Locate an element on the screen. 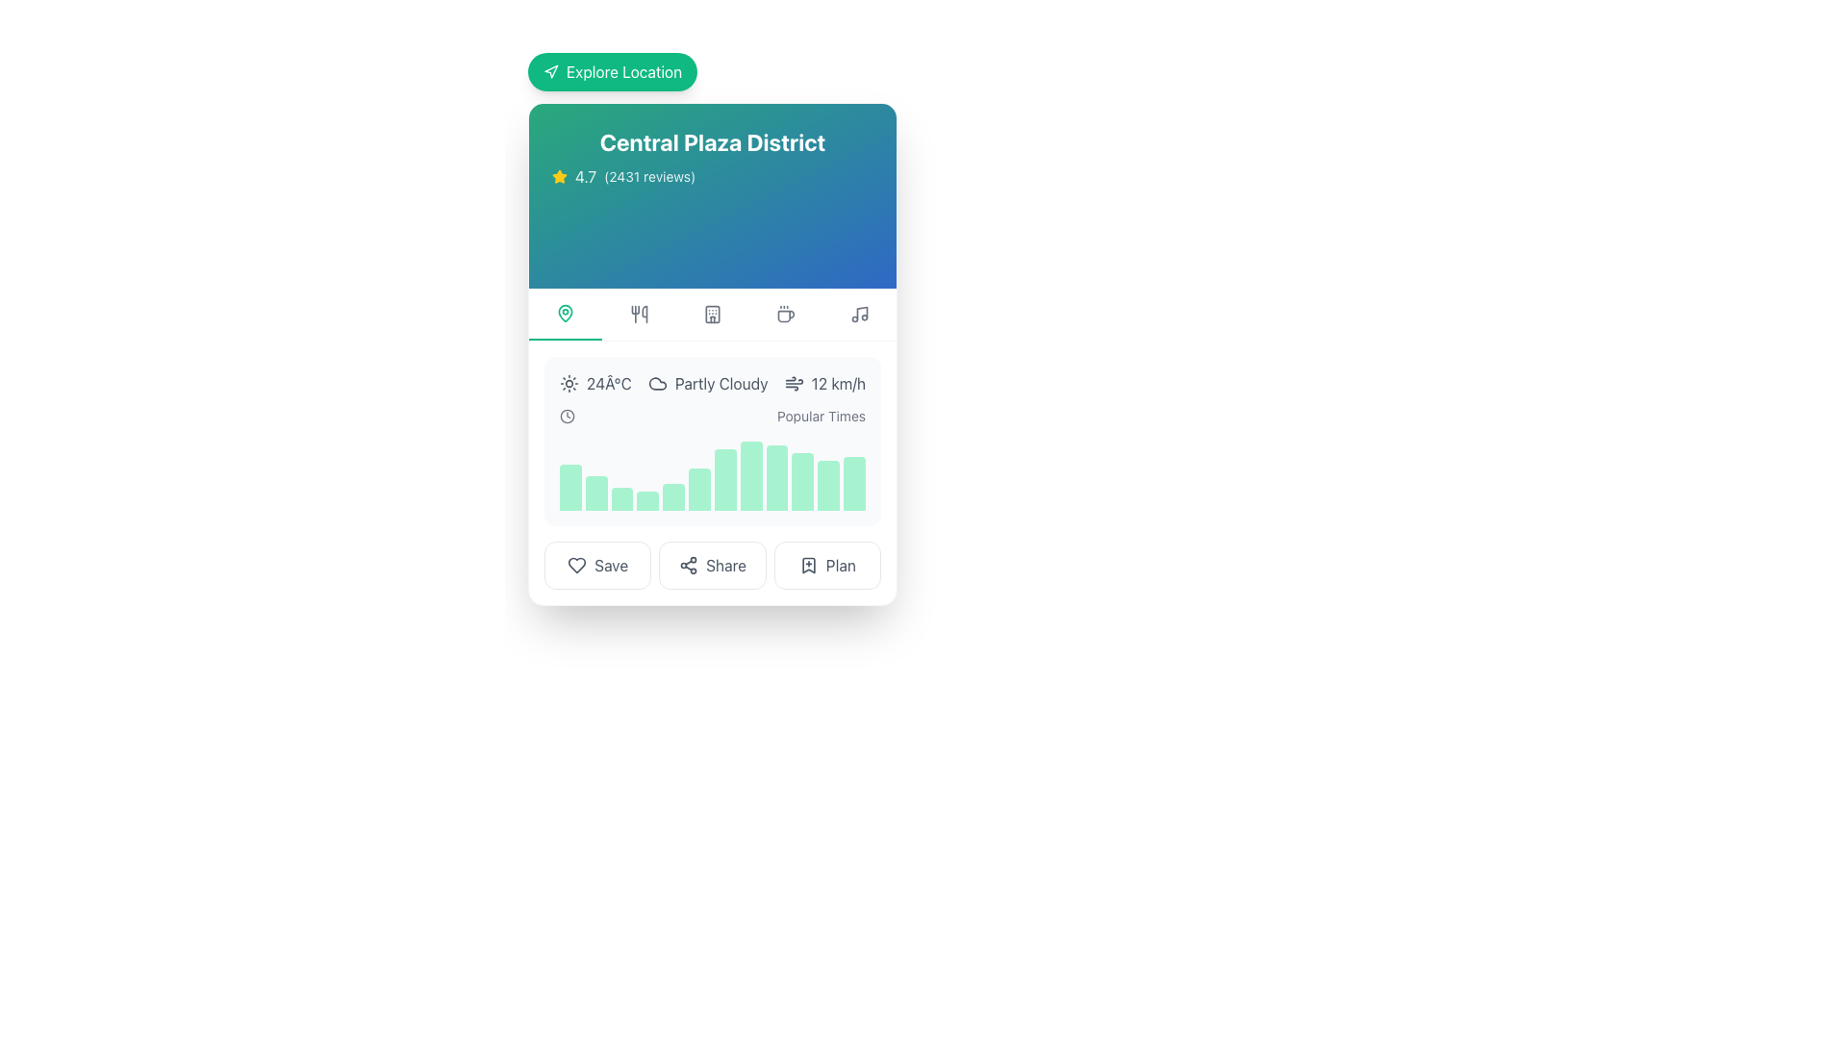  the Icon button that serves as a filter or navigation option related to the 'coffee' category is located at coordinates (786, 314).